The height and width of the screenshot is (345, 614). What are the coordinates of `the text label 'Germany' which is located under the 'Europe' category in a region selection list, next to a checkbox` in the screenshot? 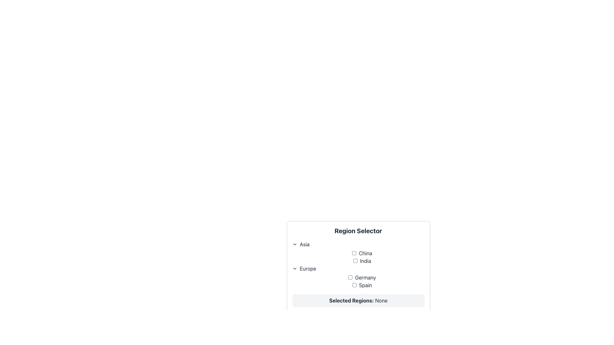 It's located at (362, 277).